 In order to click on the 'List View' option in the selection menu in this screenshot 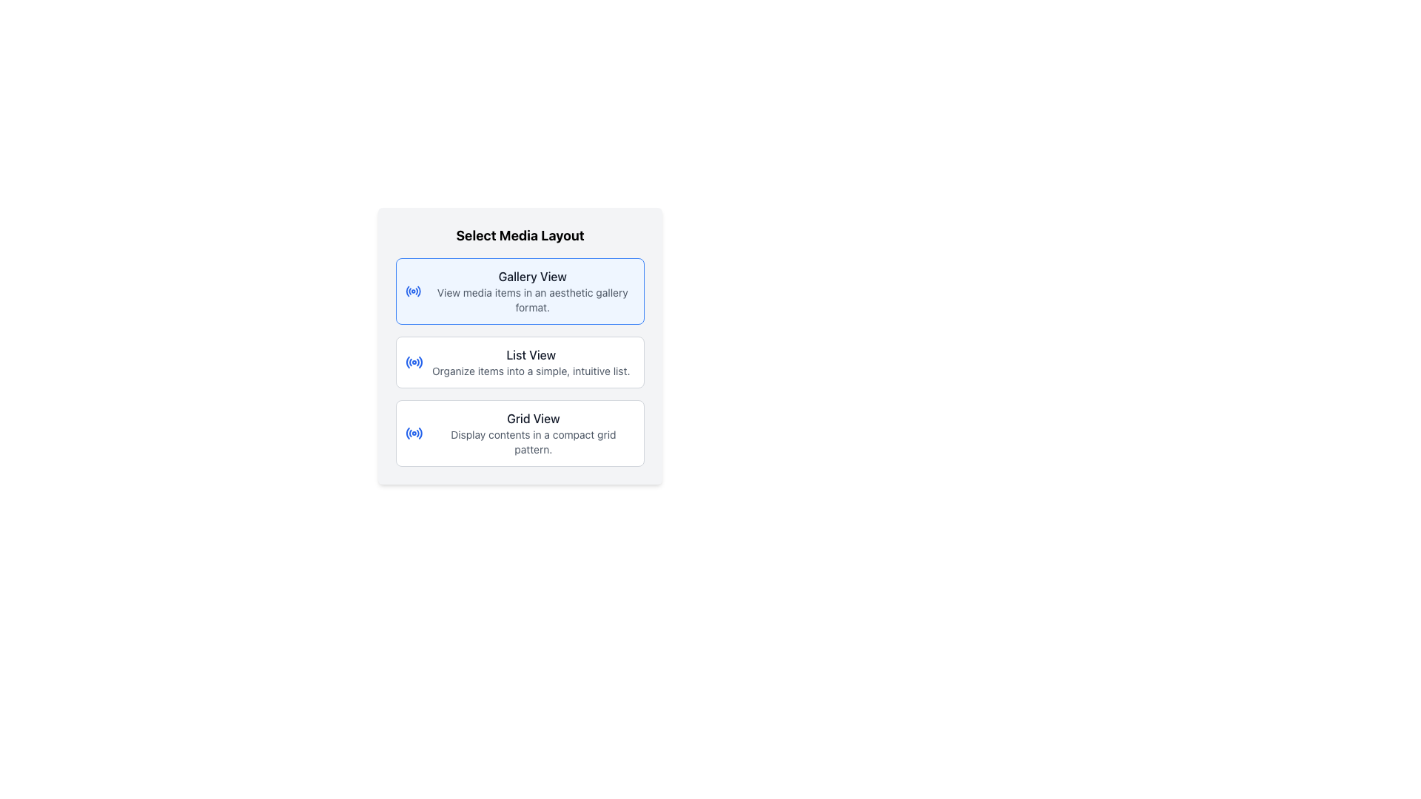, I will do `click(531, 362)`.